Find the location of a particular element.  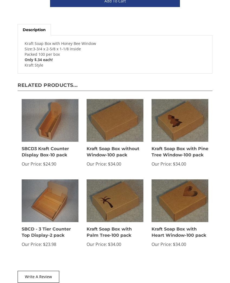

'Description' is located at coordinates (34, 29).